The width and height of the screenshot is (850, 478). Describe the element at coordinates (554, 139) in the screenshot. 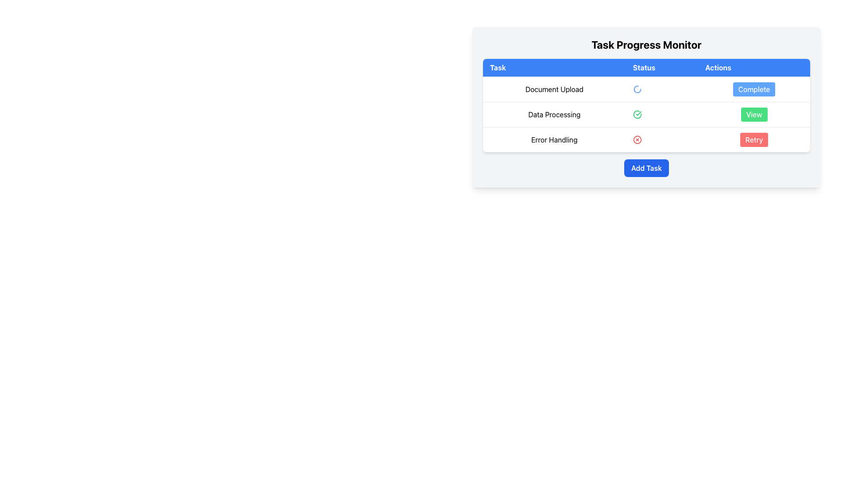

I see `the text label displaying 'Error Handling', which is styled with padding and positioned at the start of the row in the table` at that location.